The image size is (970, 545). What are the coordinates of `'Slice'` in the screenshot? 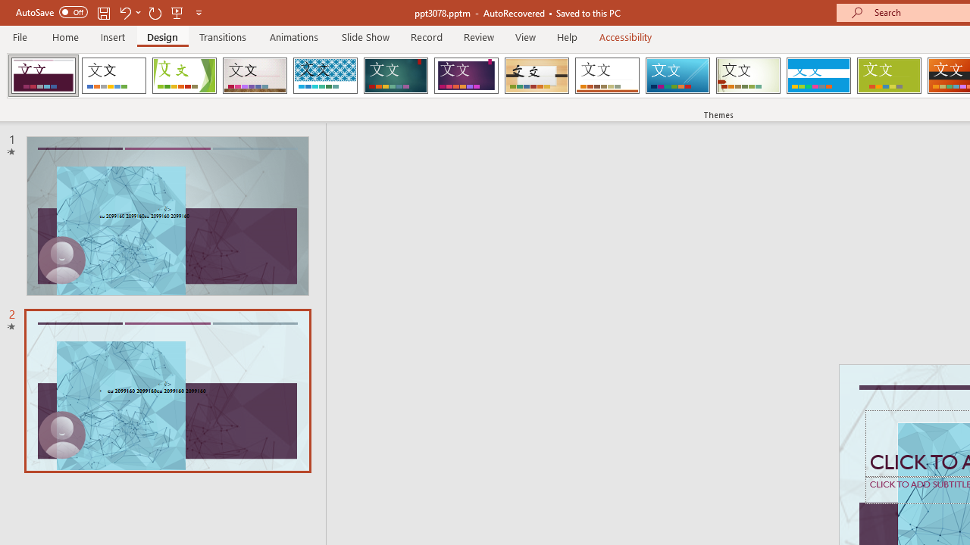 It's located at (677, 76).